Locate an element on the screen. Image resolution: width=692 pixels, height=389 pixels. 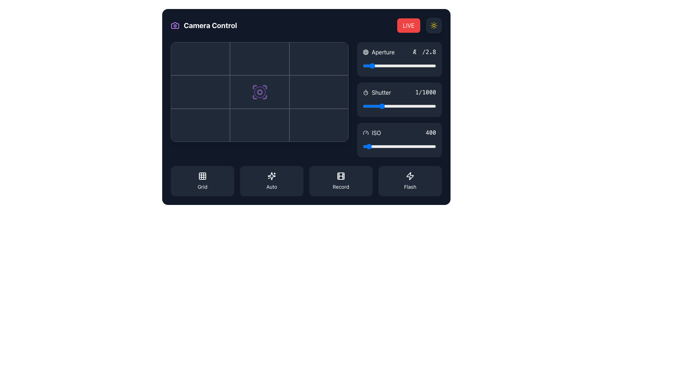
ISO value is located at coordinates (376, 146).